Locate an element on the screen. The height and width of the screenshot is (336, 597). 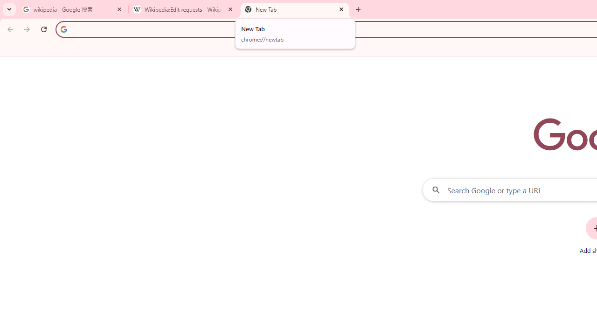
'Wikipedia:Edit requests - Wikipedia' is located at coordinates (184, 9).